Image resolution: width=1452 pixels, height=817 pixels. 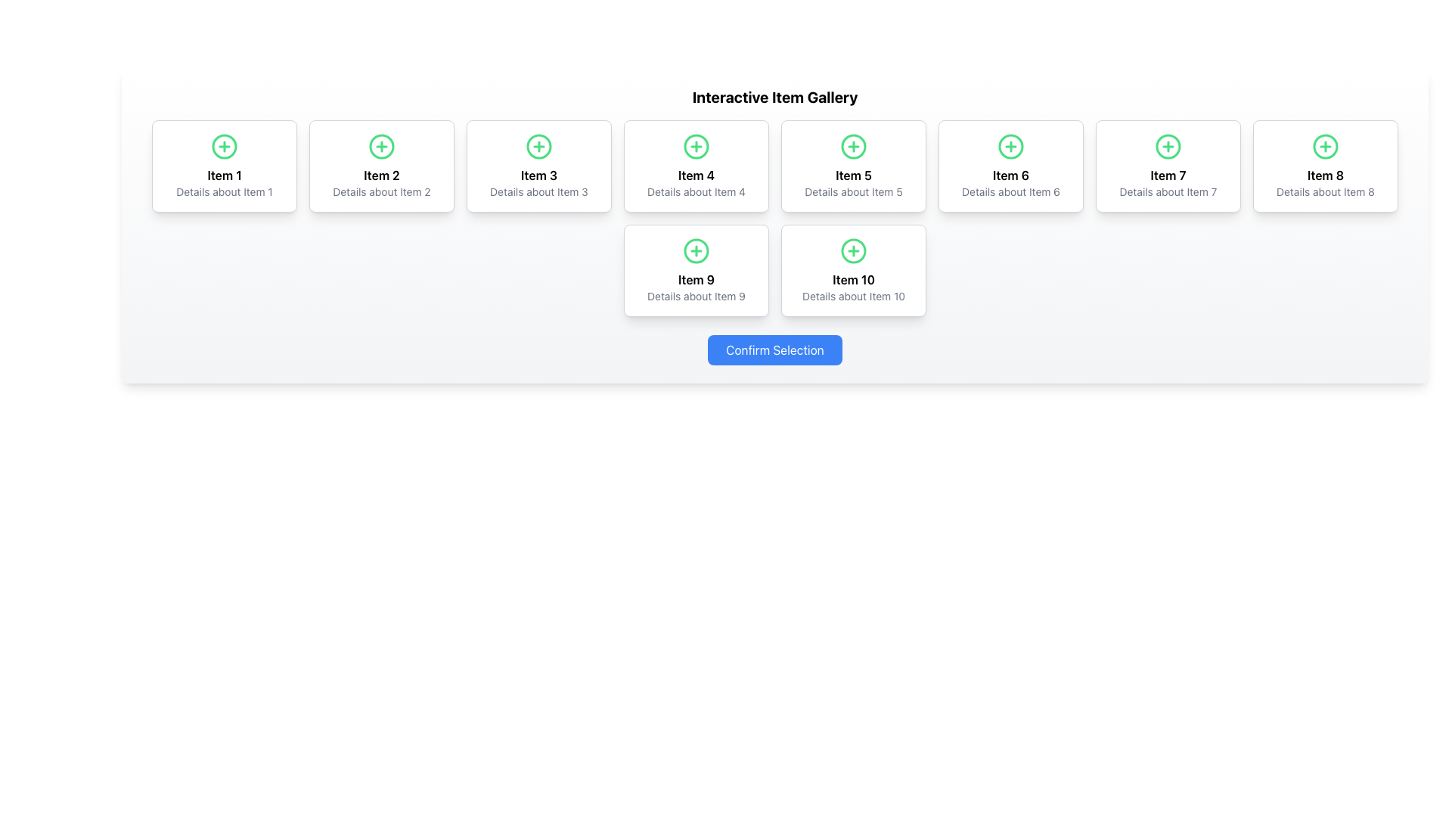 I want to click on the circular green button with a plus sign located at the top of the 'Item 2' card in the second position of the grid, so click(x=381, y=146).